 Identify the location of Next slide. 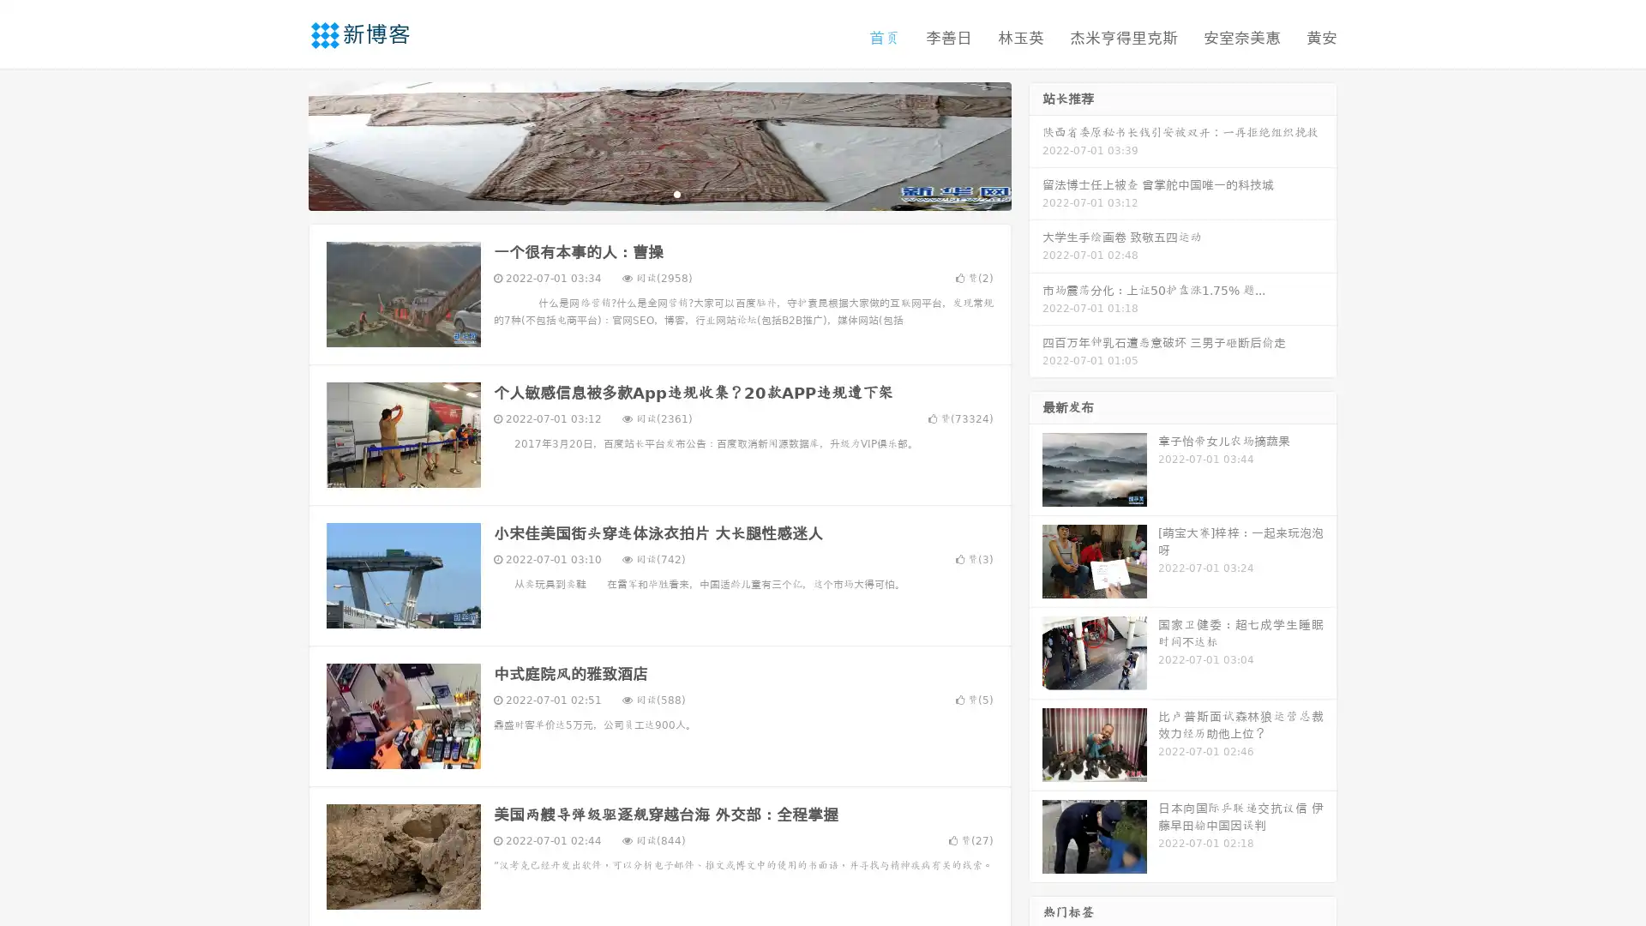
(1036, 144).